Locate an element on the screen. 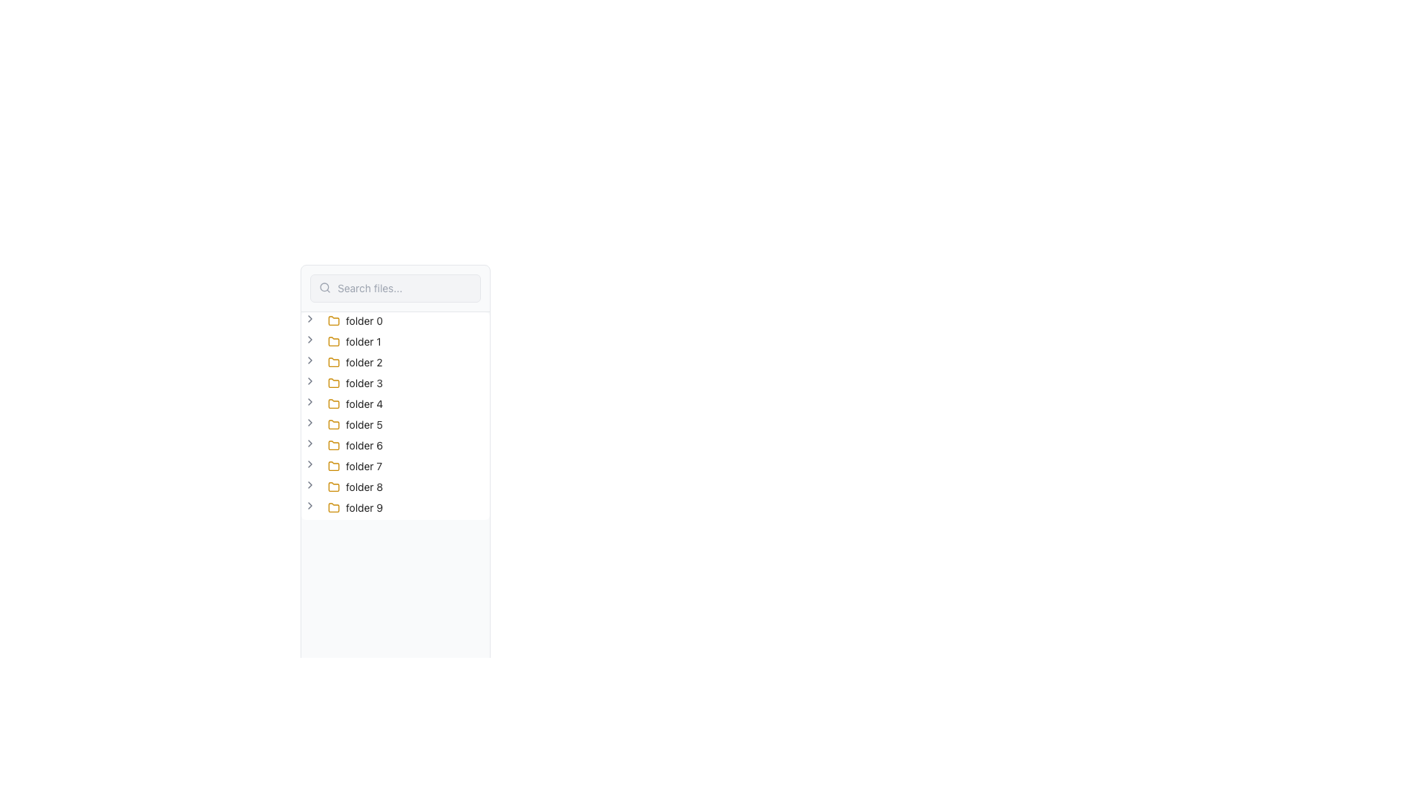 Image resolution: width=1425 pixels, height=801 pixels. the text label displaying 'folder 3' which is positioned vertically in a sidebar, aligned next to a yellow folder icon, as the fourth item in the list of folder items is located at coordinates (364, 382).